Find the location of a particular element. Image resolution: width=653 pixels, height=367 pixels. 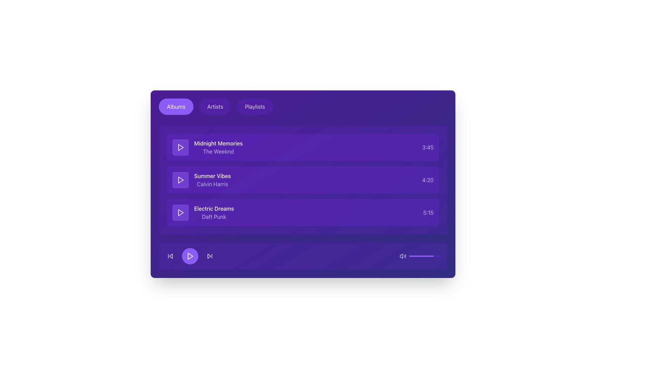

the circular violet button with a white triangular 'play' icon located at the center of the playback controls section is located at coordinates (190, 256).